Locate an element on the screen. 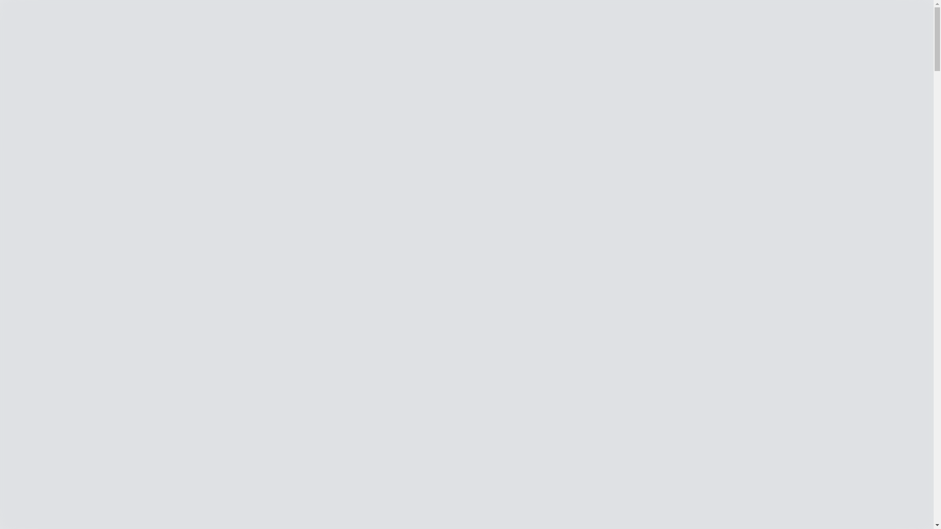 This screenshot has width=941, height=529. 'Takeaway Menu' is located at coordinates (68, 310).